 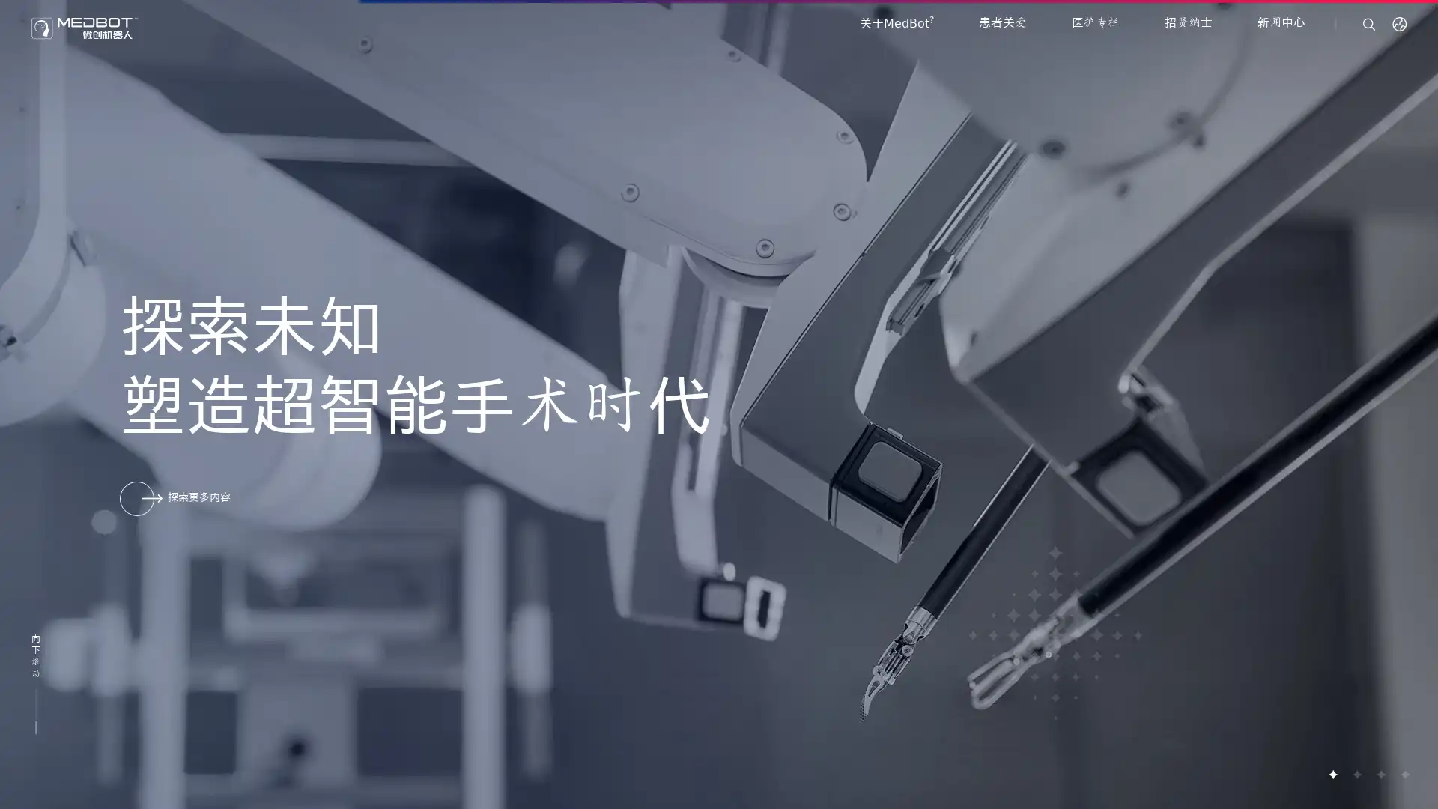 I want to click on Go to slide 4, so click(x=1404, y=774).